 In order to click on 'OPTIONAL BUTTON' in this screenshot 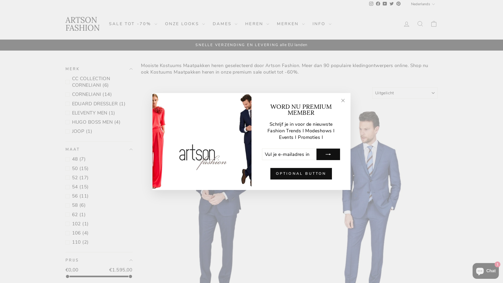, I will do `click(301, 174)`.